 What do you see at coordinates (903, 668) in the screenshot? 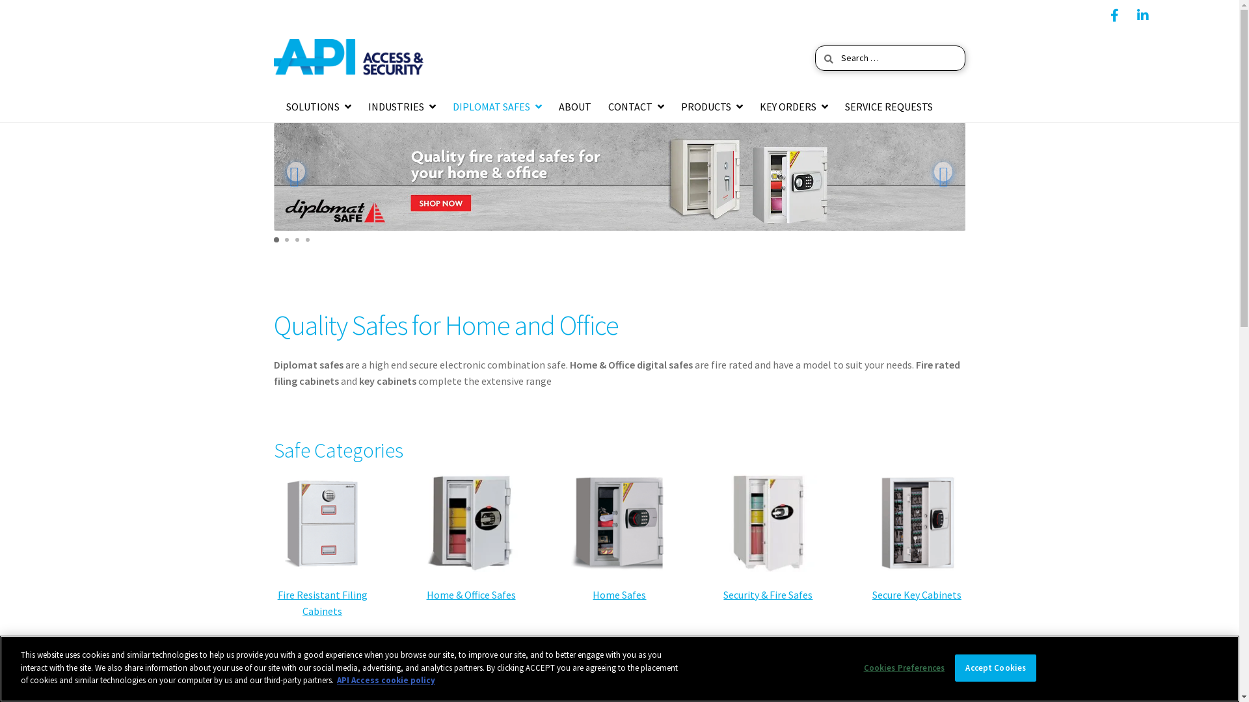
I see `'Cookies Preferences'` at bounding box center [903, 668].